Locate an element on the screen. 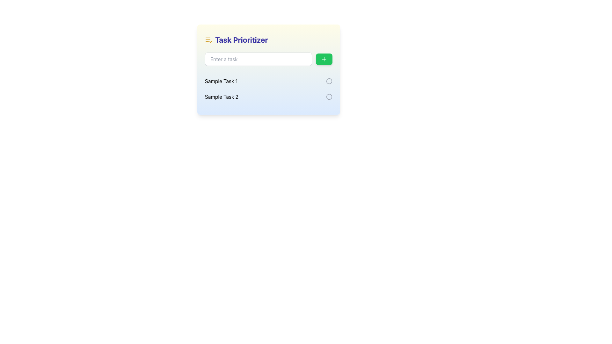 Image resolution: width=612 pixels, height=344 pixels. the circular icon/button is located at coordinates (329, 97).